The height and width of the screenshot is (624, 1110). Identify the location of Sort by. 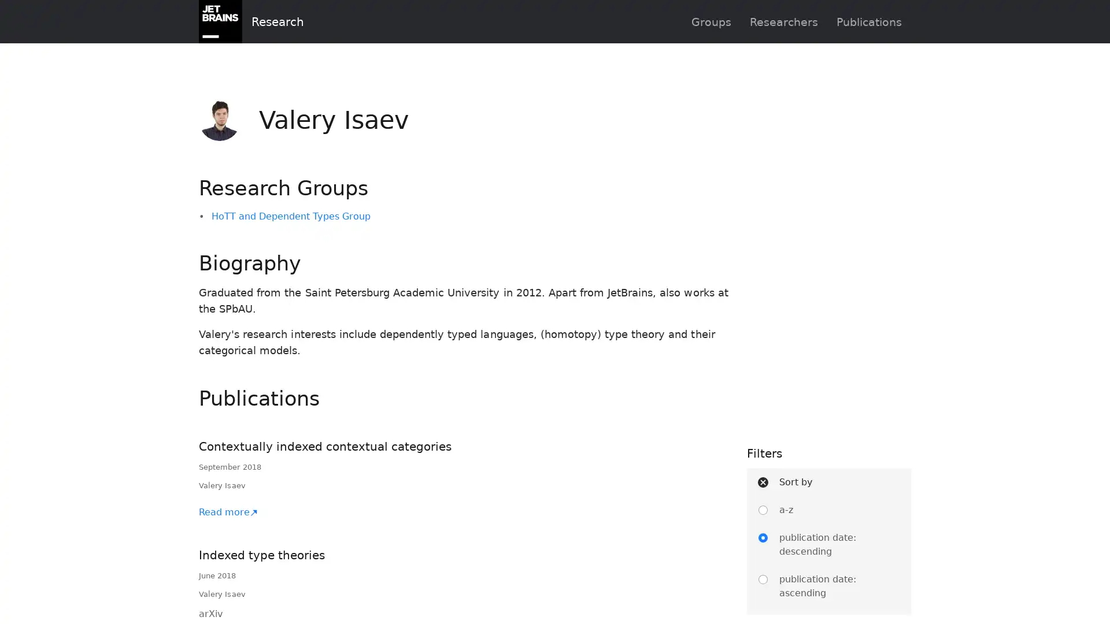
(828, 482).